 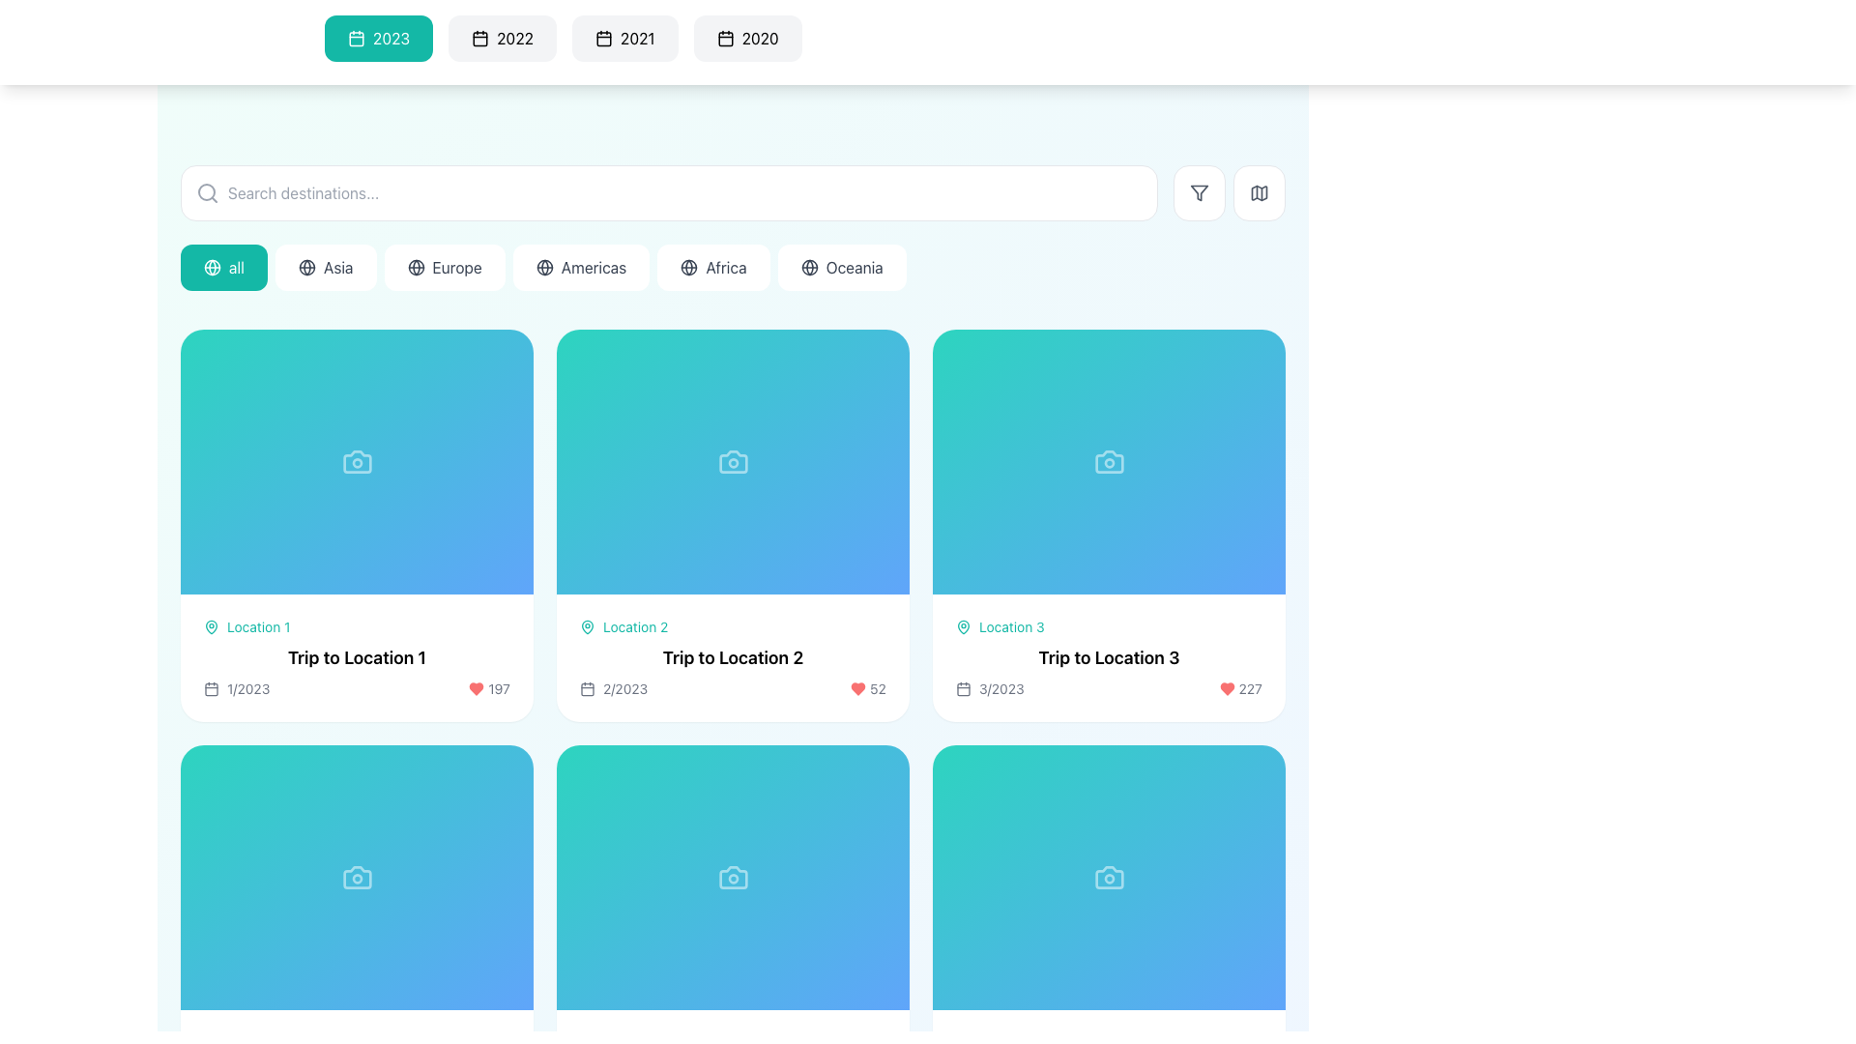 I want to click on the Image placeholder, which is a rectangular area with rounded corners, featuring a gradient background from teal to blue and a white camera icon, located in the second row and third column of the grid layout under the card for 'Trip to Location 3', so click(x=1109, y=877).